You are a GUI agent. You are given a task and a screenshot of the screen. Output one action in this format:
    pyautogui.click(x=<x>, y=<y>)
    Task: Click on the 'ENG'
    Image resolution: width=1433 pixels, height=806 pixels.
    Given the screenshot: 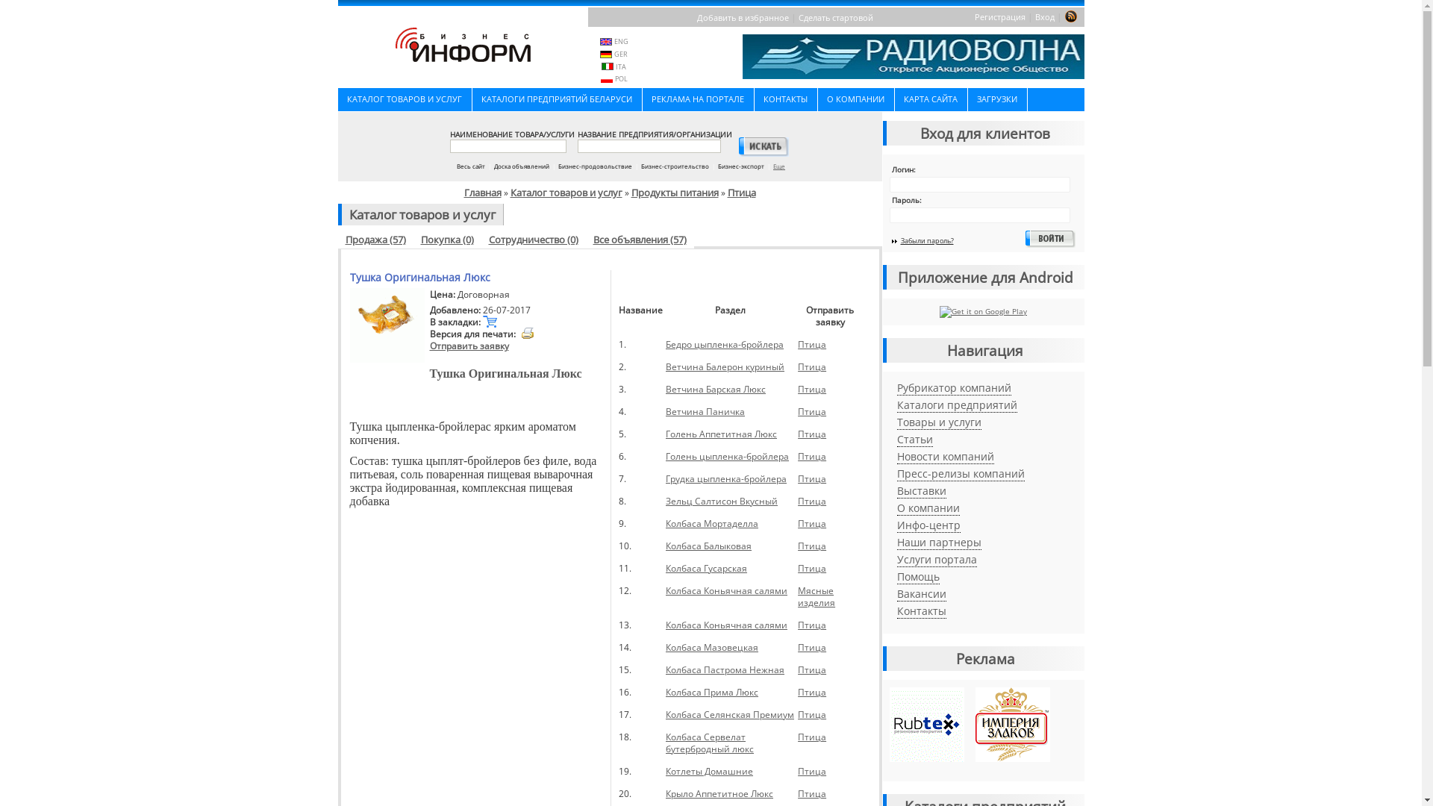 What is the action you would take?
    pyautogui.click(x=613, y=40)
    